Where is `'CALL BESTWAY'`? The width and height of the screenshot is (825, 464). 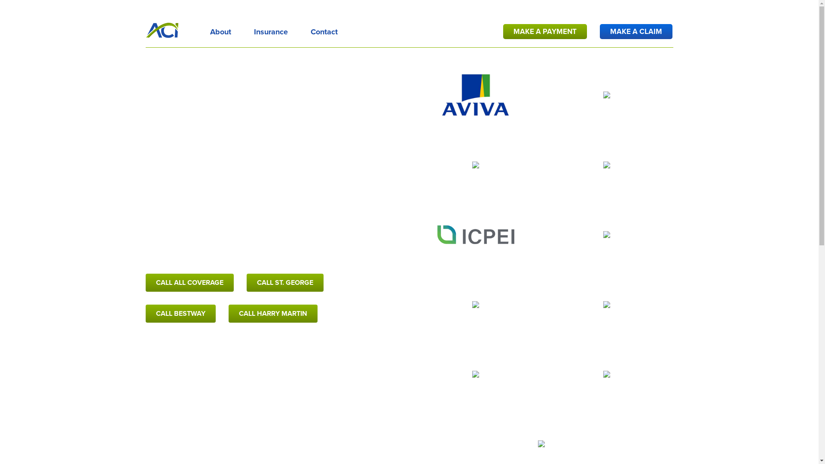
'CALL BESTWAY' is located at coordinates (180, 313).